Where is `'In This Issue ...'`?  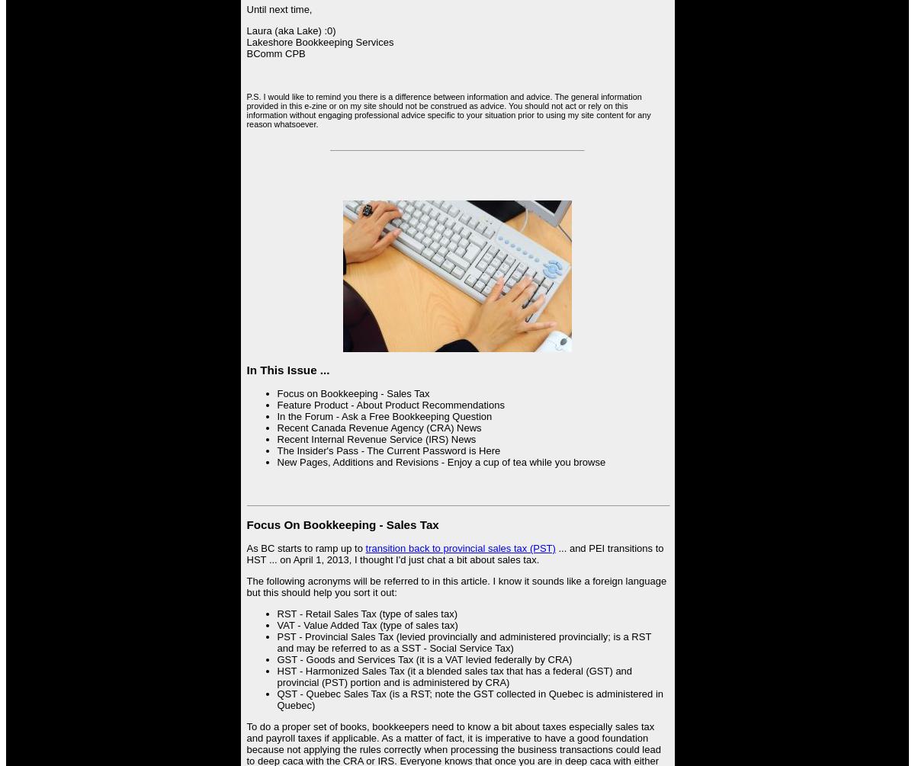 'In This Issue ...' is located at coordinates (246, 369).